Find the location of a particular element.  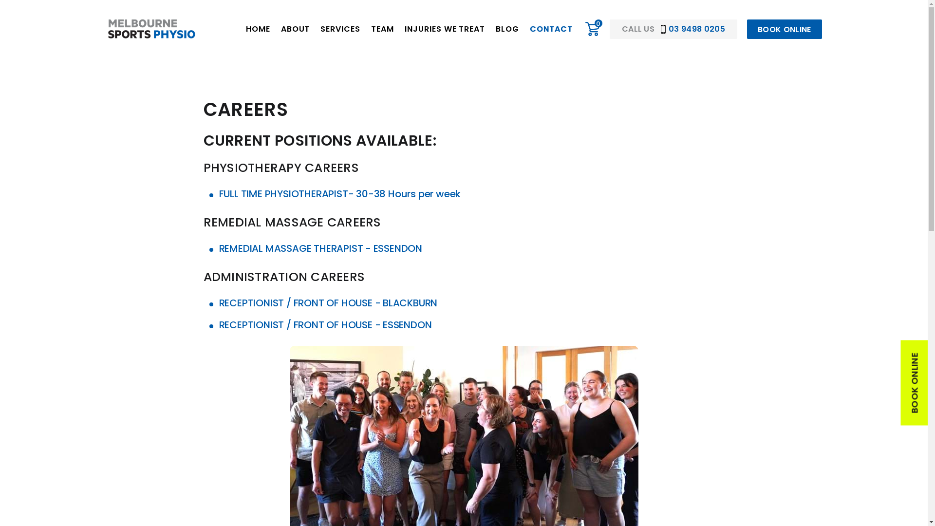

'HOME' is located at coordinates (258, 29).